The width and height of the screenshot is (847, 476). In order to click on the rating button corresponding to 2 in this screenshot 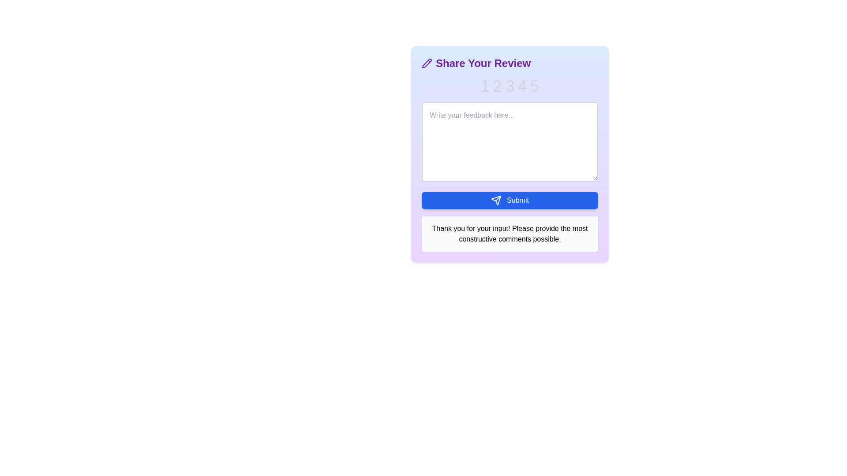, I will do `click(498, 86)`.